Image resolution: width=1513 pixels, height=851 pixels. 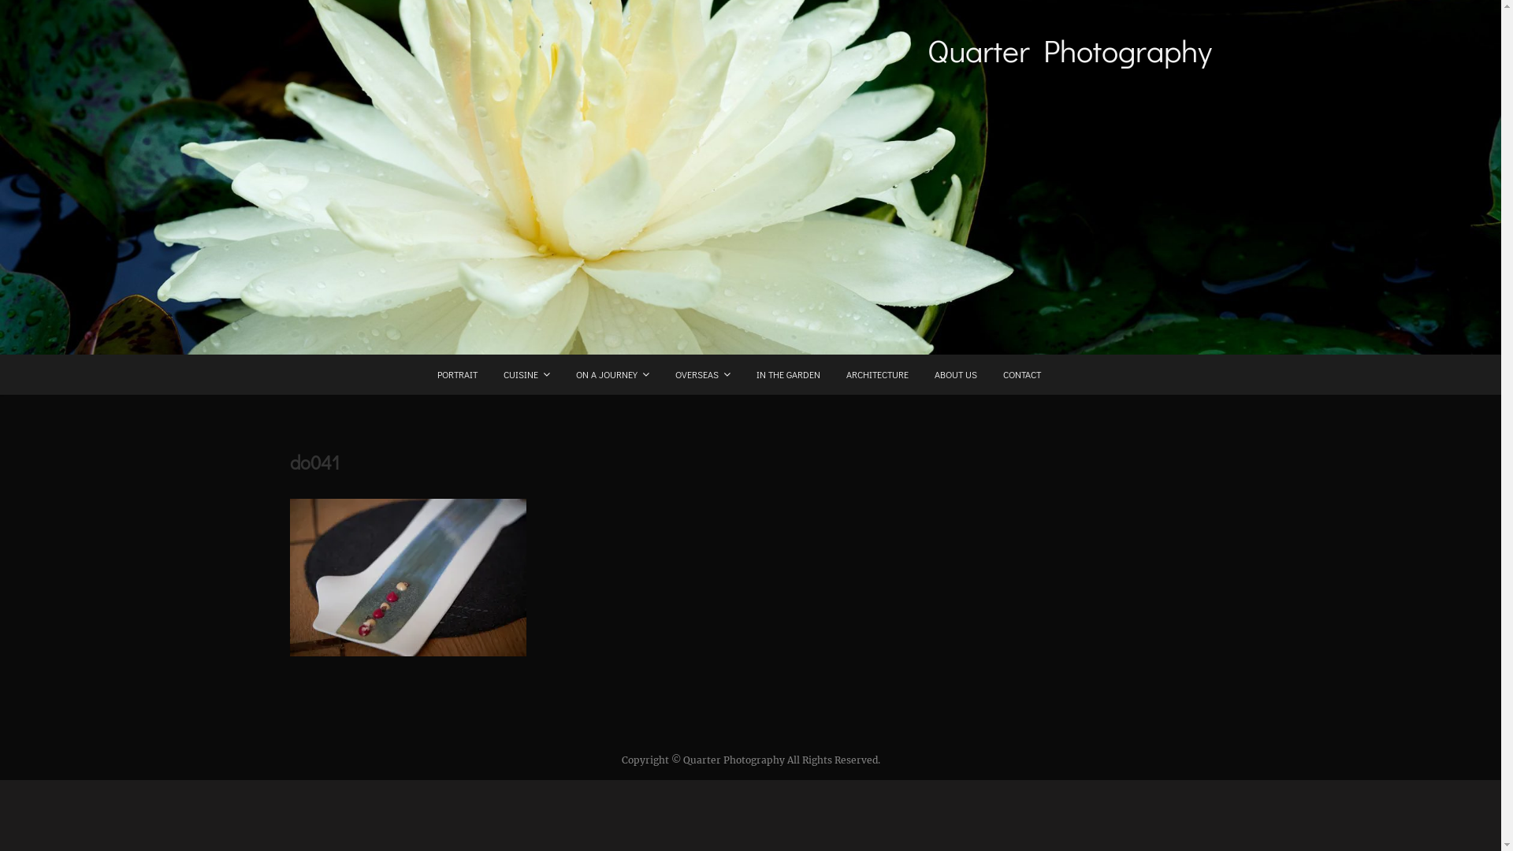 What do you see at coordinates (927, 50) in the screenshot?
I see `'Quarter Photography'` at bounding box center [927, 50].